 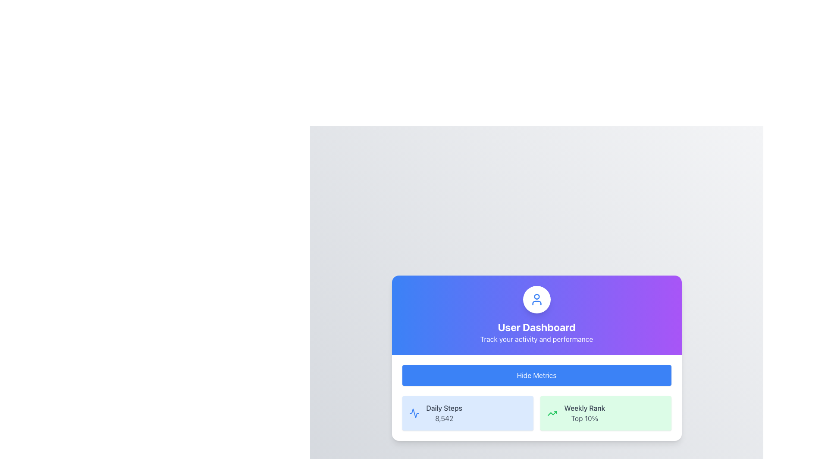 I want to click on the information cards in the Interactive dashboard panel, so click(x=536, y=358).